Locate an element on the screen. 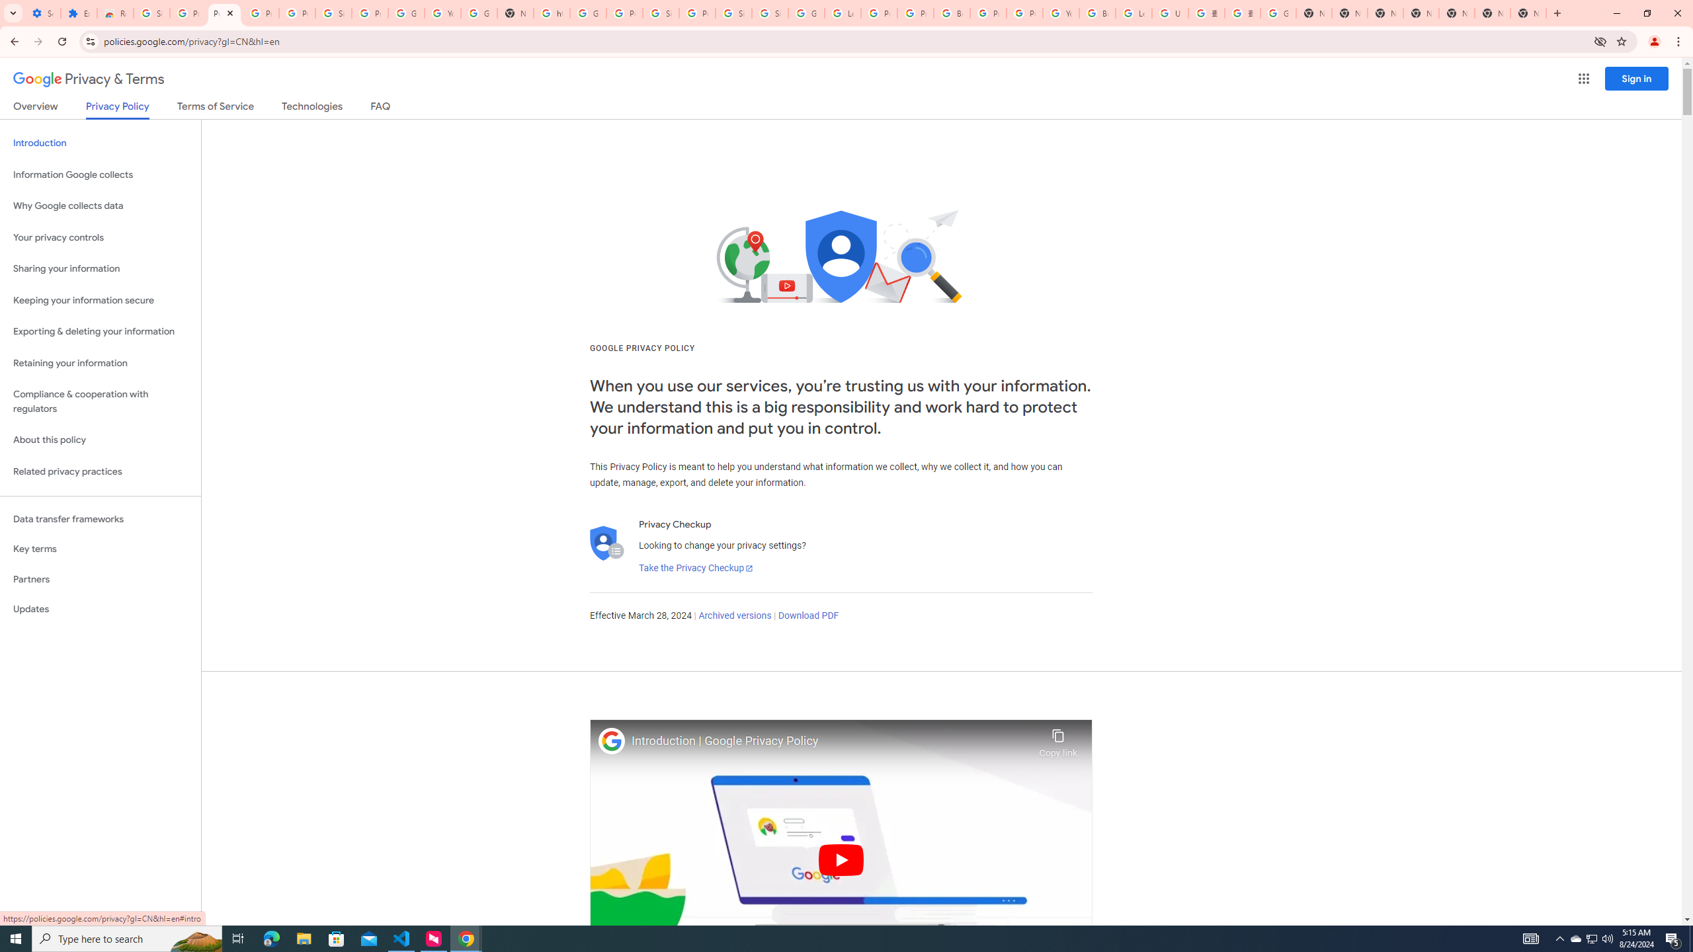 The width and height of the screenshot is (1693, 952). 'Take the Privacy Checkup' is located at coordinates (695, 567).